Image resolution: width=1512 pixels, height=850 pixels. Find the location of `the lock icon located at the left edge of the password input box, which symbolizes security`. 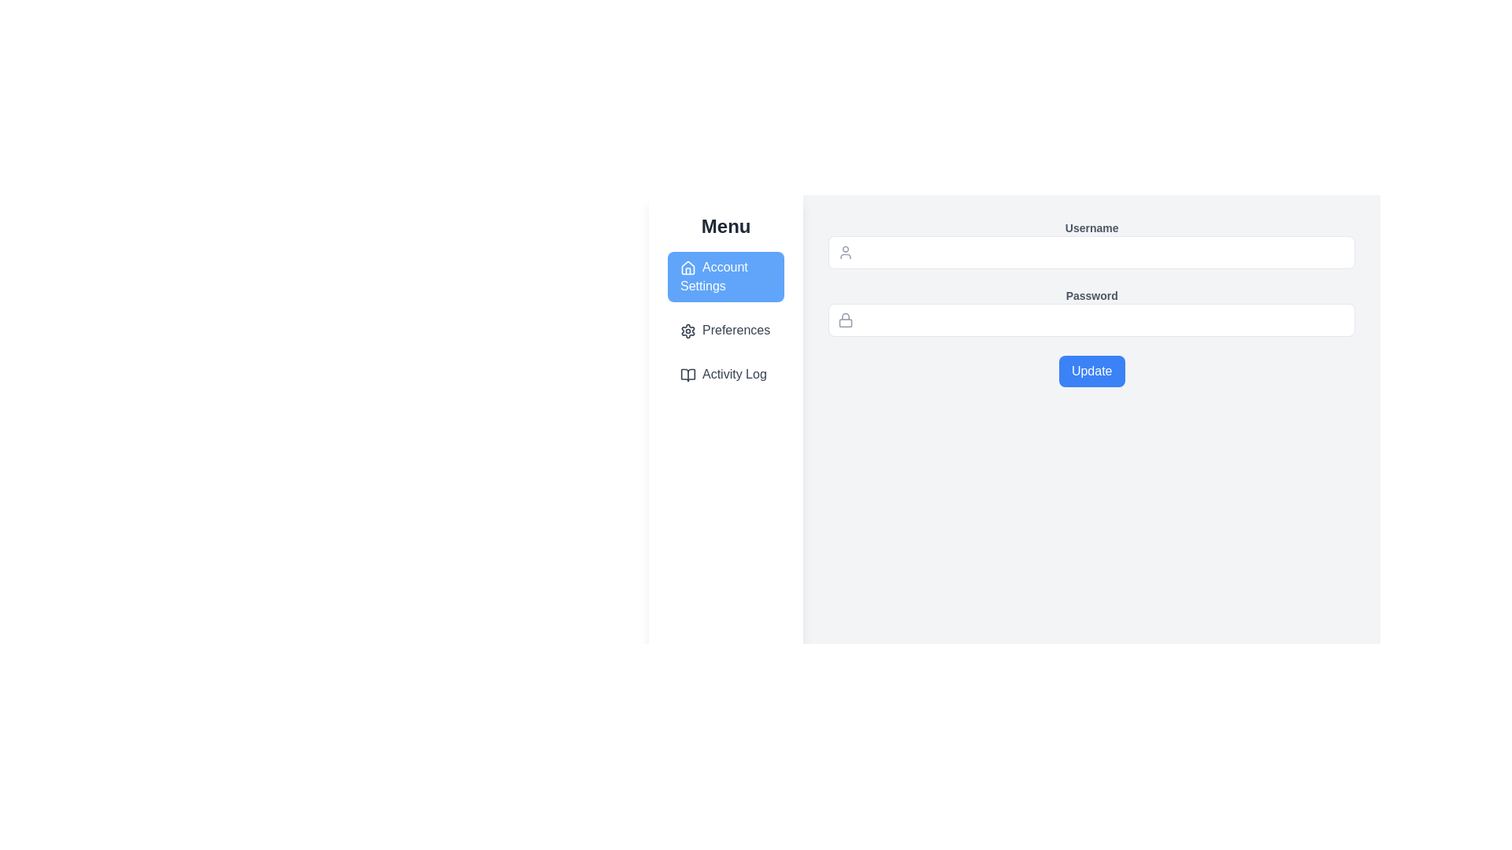

the lock icon located at the left edge of the password input box, which symbolizes security is located at coordinates (845, 320).